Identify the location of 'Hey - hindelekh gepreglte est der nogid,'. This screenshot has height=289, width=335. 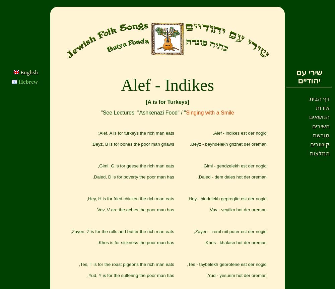
(187, 199).